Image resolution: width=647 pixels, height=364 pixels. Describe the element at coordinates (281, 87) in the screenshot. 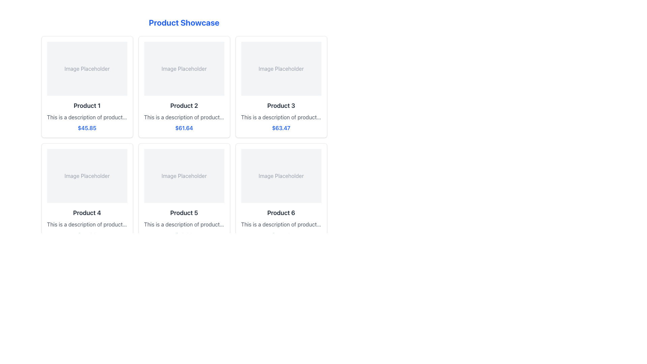

I see `the Display Card containing 'Product 3', which has a white background, rounded corners, and shows the price '$63.47' in blue at the bottom` at that location.